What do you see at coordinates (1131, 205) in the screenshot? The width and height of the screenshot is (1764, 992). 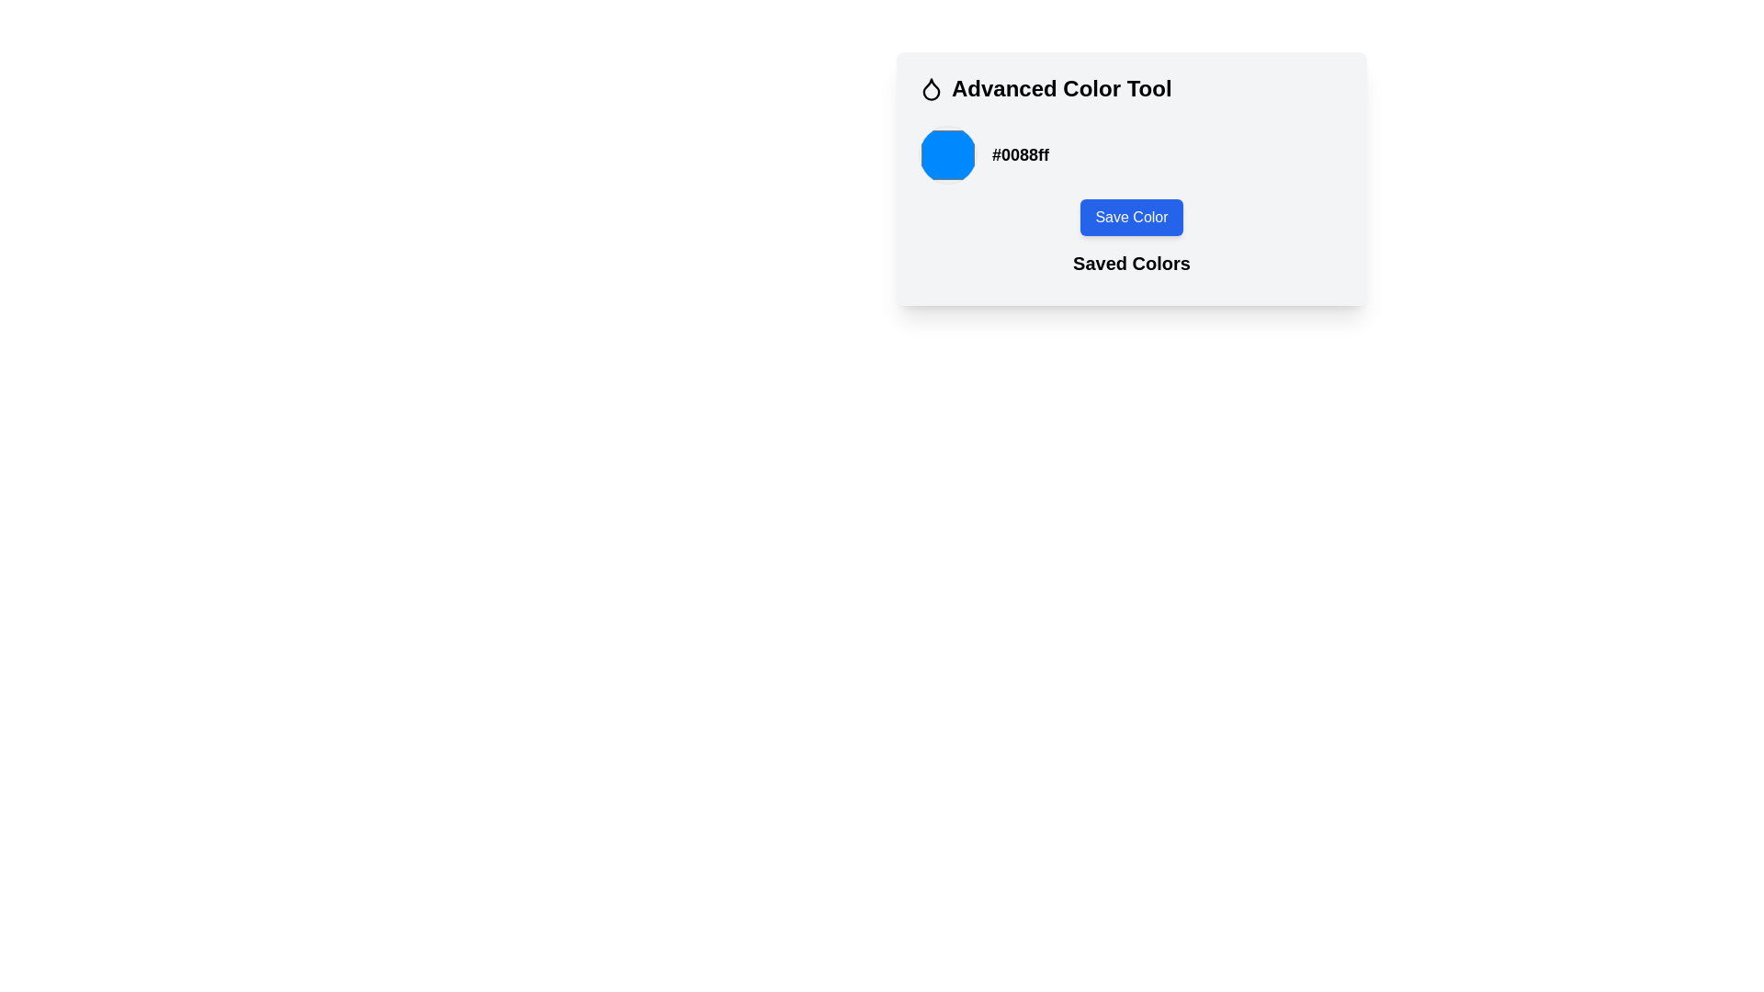 I see `the save color button which is centrally positioned below the color preview and to the left of the saved colors label` at bounding box center [1131, 205].